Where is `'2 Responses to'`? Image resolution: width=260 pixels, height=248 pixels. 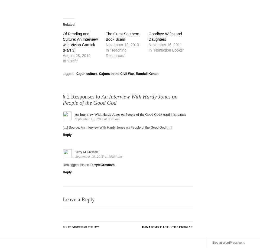
'2 Responses to' is located at coordinates (83, 96).